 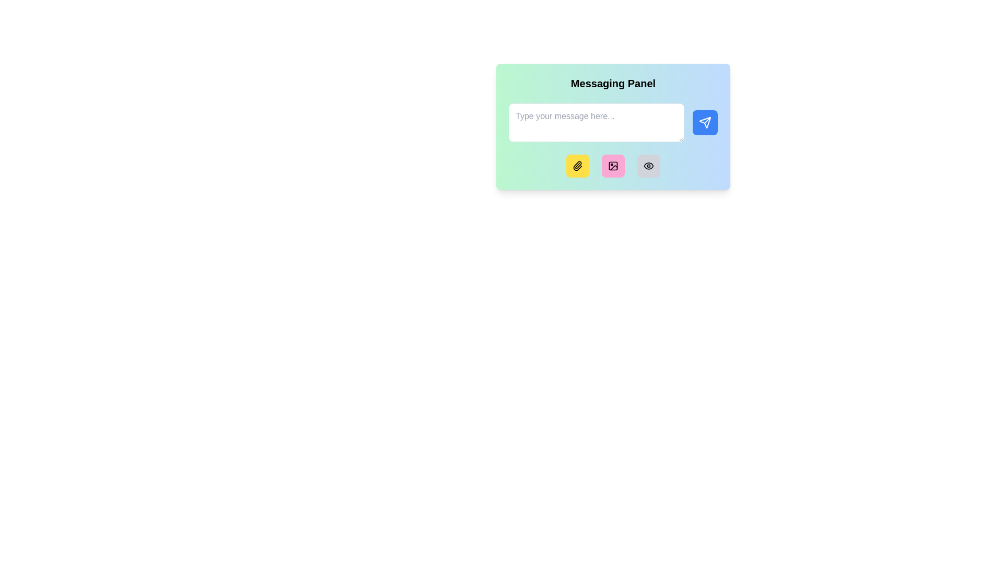 What do you see at coordinates (597, 122) in the screenshot?
I see `the text input field that has a placeholder text 'Type your message here...'` at bounding box center [597, 122].